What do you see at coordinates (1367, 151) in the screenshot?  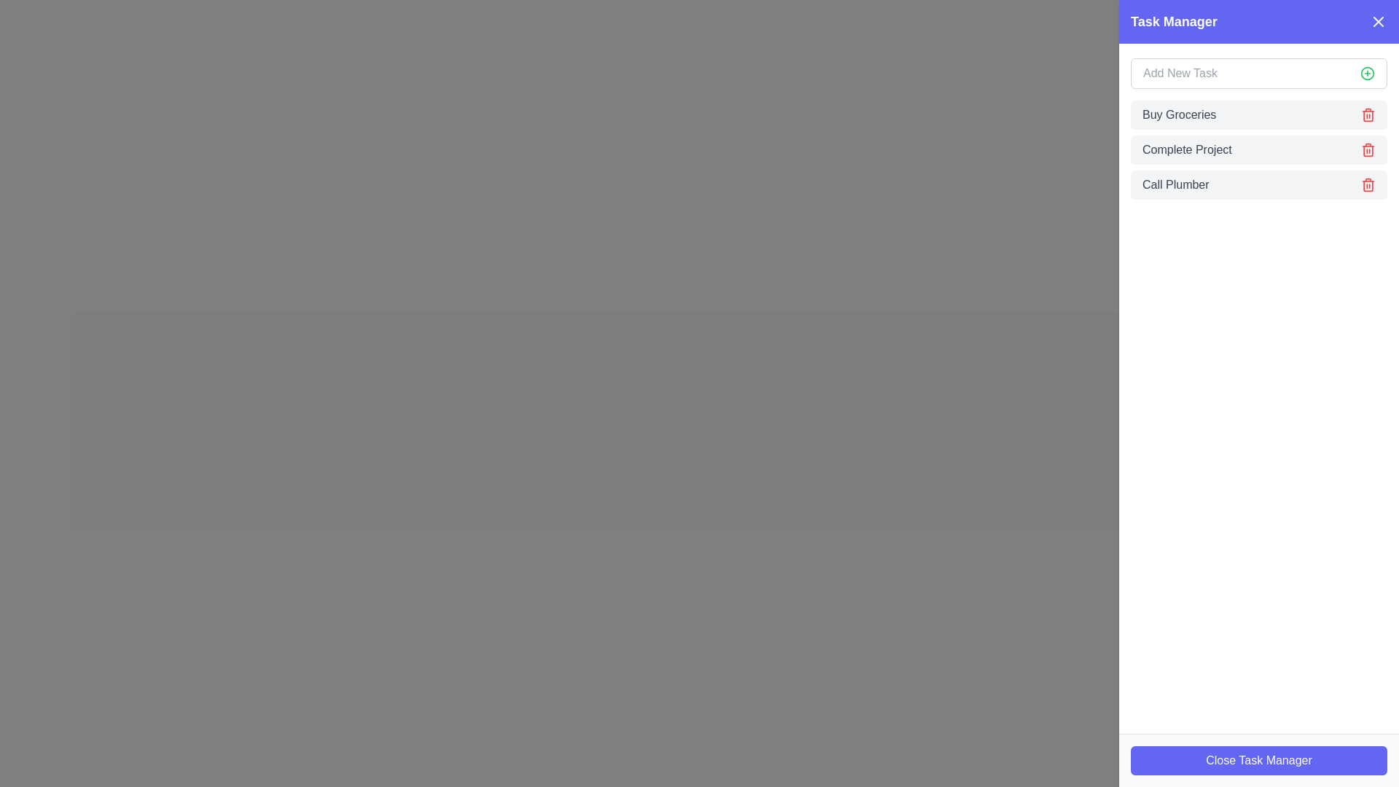 I see `the trash can icon, which has a red stroke and is located to the right of the 'Complete Project' task in the Task Manager interface, to initiate a delete action` at bounding box center [1367, 151].